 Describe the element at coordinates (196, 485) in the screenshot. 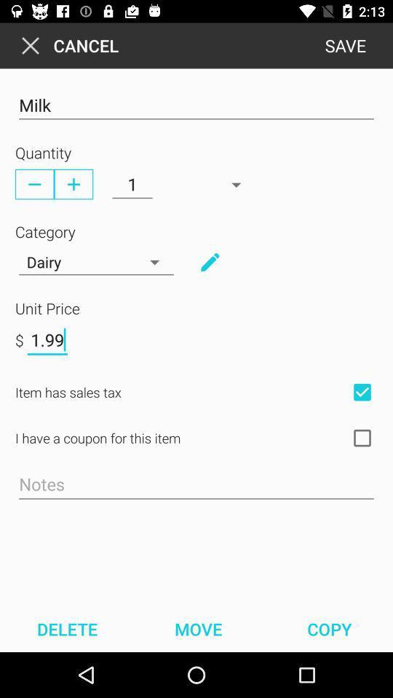

I see `shopping notes` at that location.